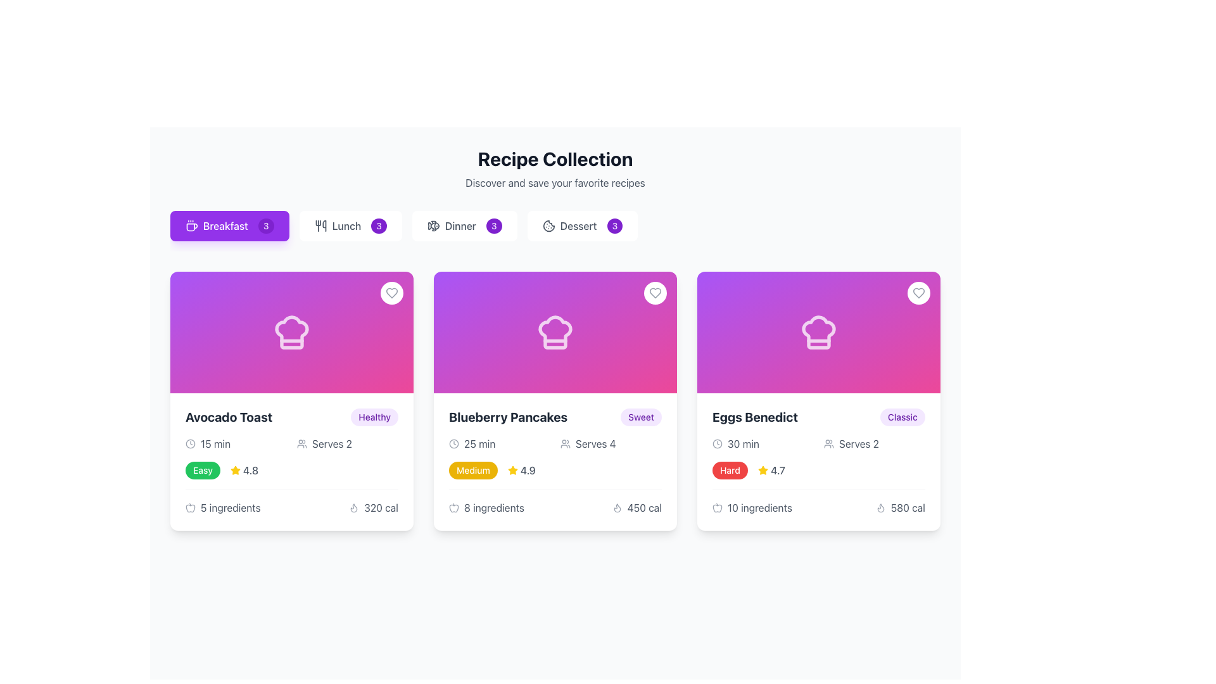  I want to click on the display information element showing '5 ingredients' and '320 cal' for the Avocado Toast recipe, so click(291, 502).